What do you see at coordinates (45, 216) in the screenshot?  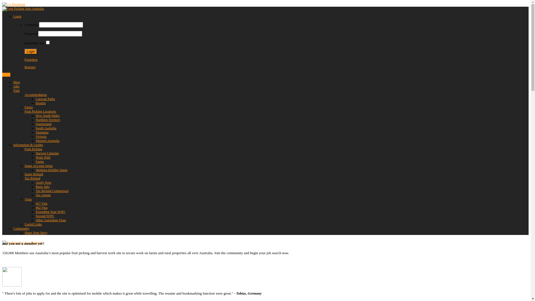 I see `'Second WHV'` at bounding box center [45, 216].